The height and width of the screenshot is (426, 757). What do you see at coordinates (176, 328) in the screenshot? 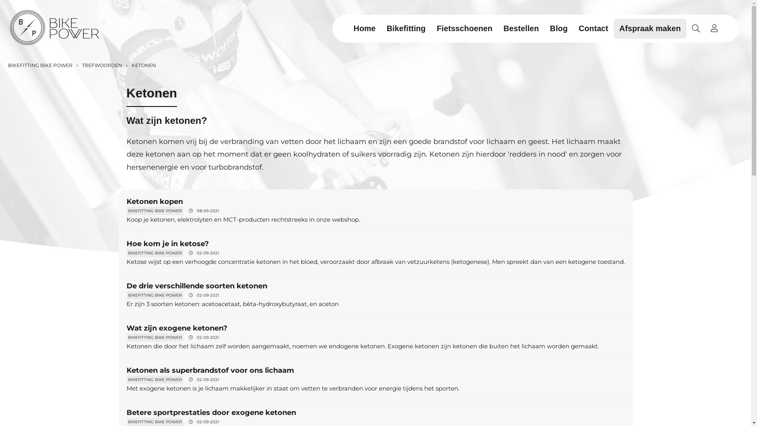
I see `'Wat zijn exogene ketonen?'` at bounding box center [176, 328].